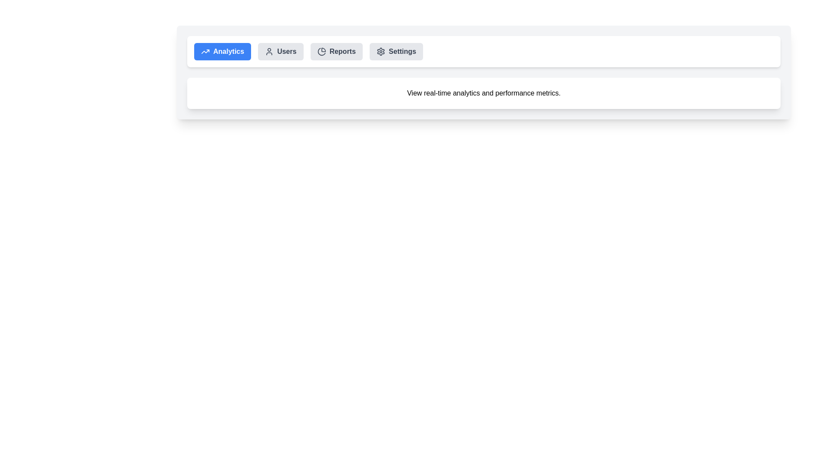  What do you see at coordinates (396, 52) in the screenshot?
I see `the tab labeled Settings to observe its hover effect` at bounding box center [396, 52].